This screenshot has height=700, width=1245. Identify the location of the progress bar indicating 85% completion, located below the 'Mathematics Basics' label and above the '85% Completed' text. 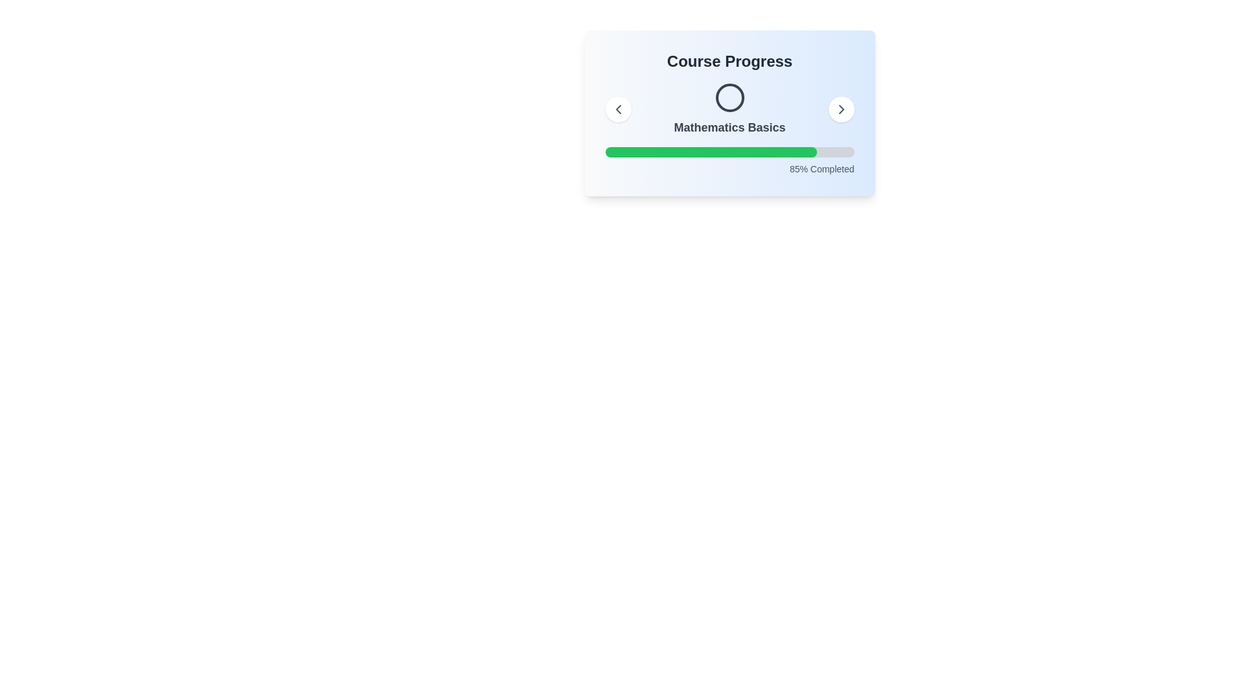
(729, 152).